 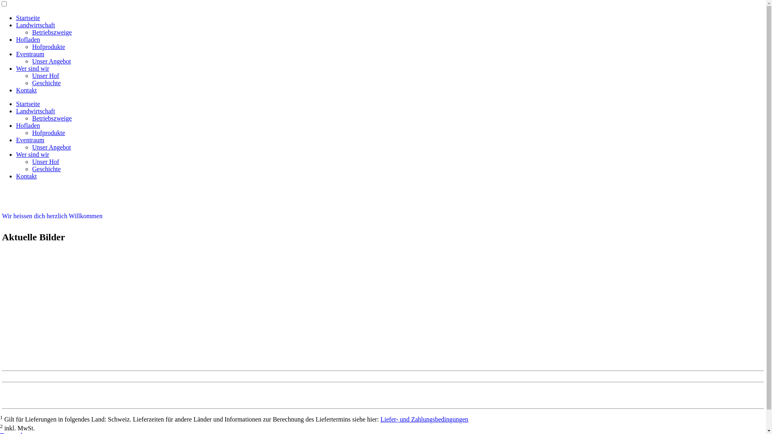 What do you see at coordinates (16, 39) in the screenshot?
I see `'Hofladen'` at bounding box center [16, 39].